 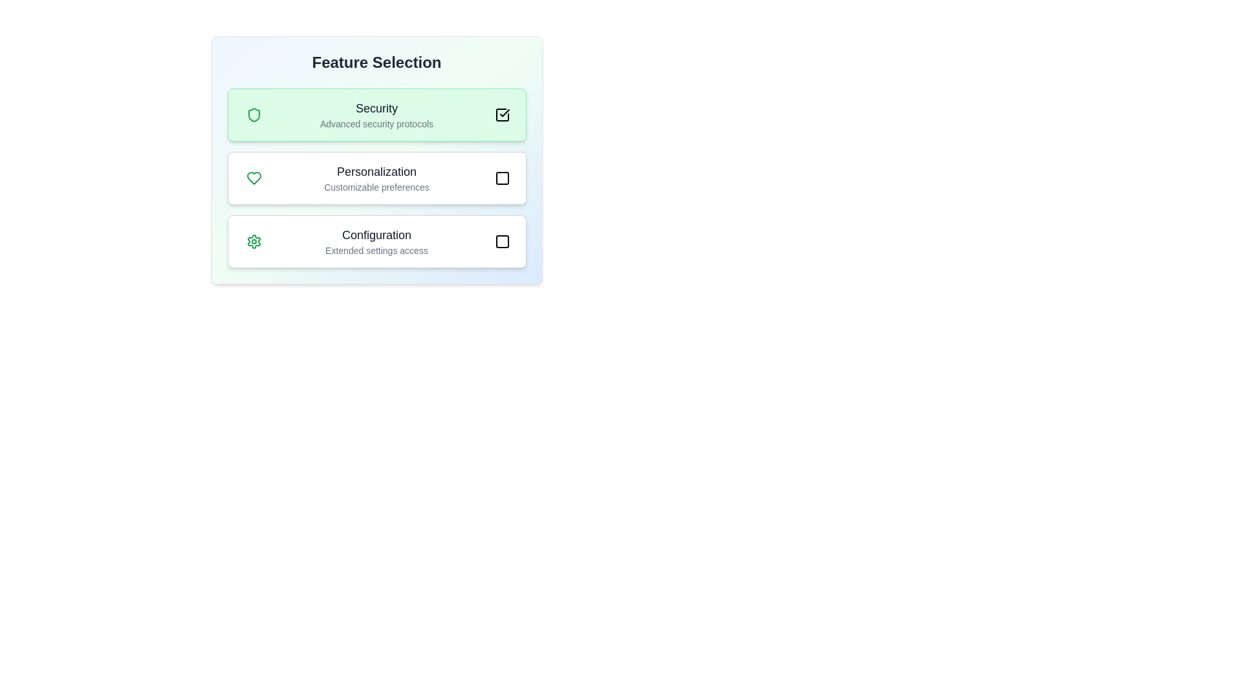 I want to click on the green gear icon representing the settings option in the Configuration section, so click(x=254, y=242).